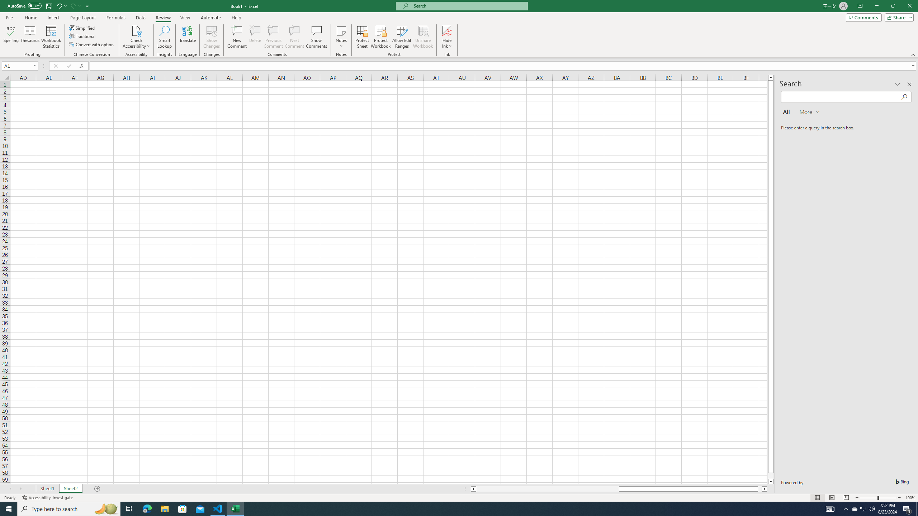 The width and height of the screenshot is (918, 516). Describe the element at coordinates (402, 37) in the screenshot. I see `'Allow Edit Ranges'` at that location.